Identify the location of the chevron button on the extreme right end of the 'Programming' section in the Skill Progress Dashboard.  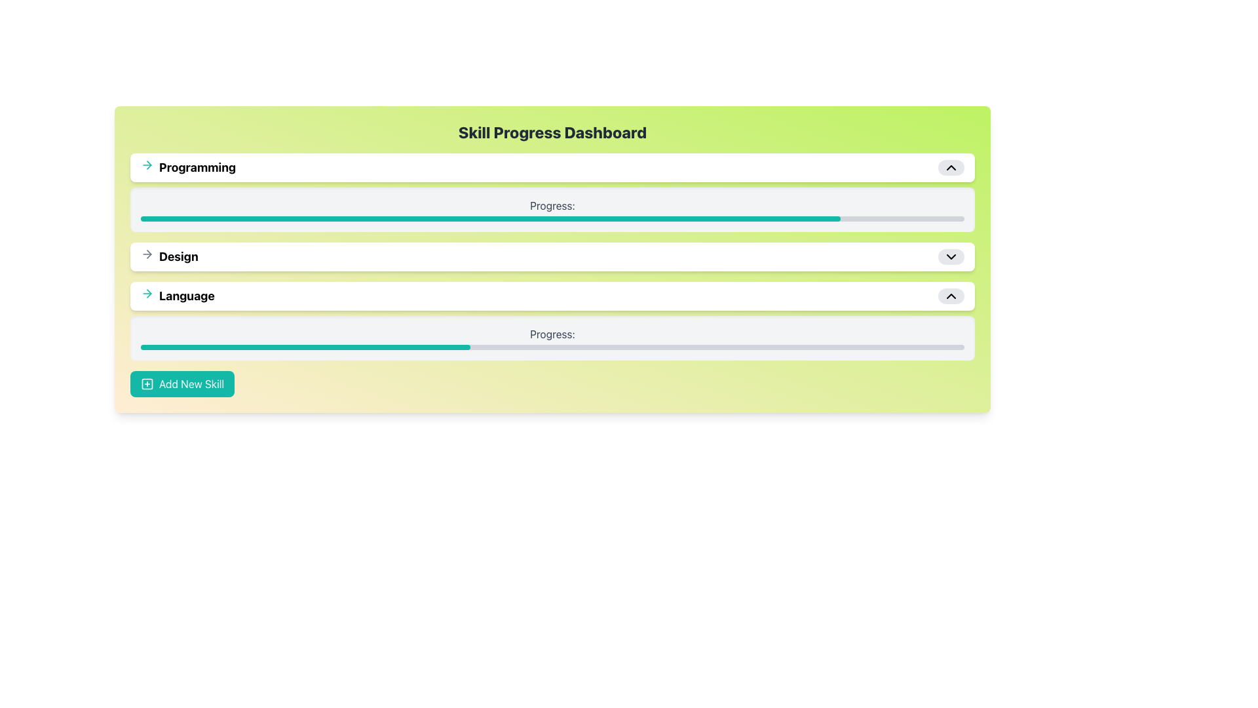
(951, 167).